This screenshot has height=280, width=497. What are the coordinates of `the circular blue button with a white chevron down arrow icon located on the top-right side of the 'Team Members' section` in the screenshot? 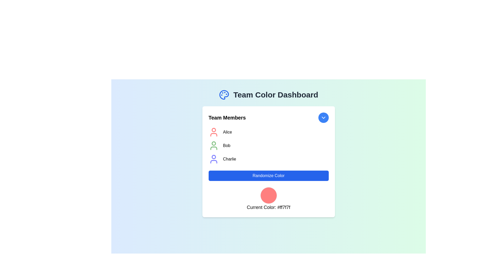 It's located at (323, 118).